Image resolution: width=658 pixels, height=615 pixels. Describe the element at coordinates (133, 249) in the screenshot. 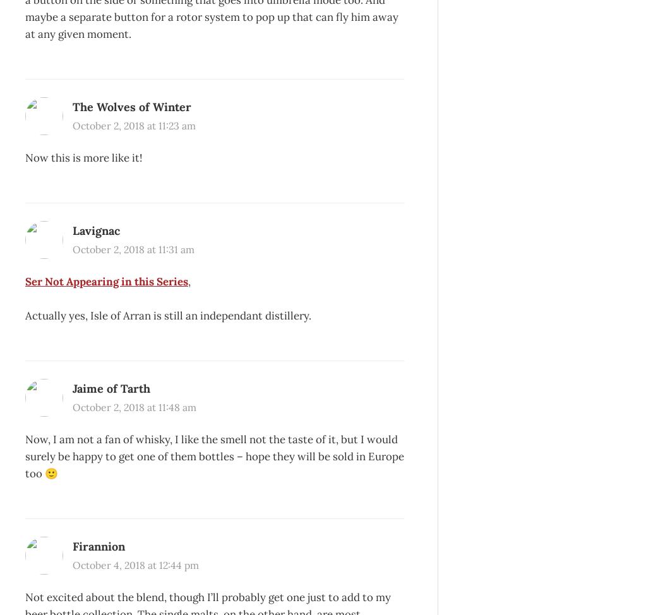

I see `'October 2, 2018 at 11:31 am'` at that location.